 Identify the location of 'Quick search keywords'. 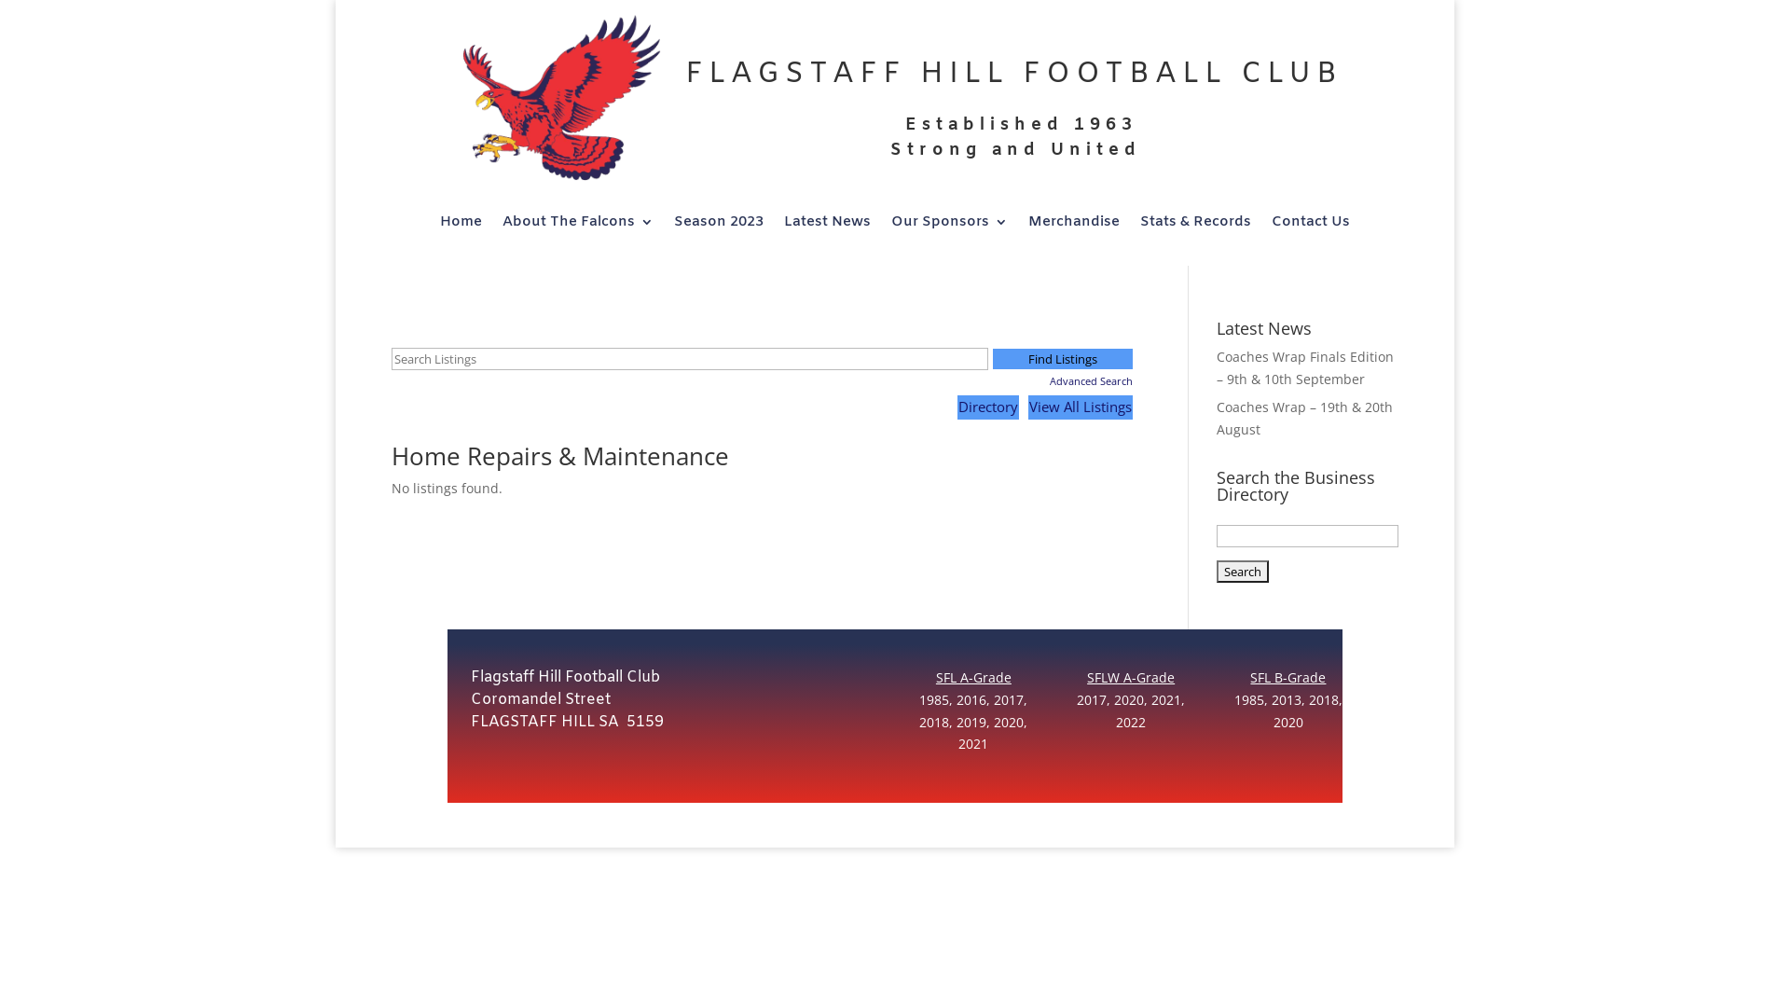
(391, 359).